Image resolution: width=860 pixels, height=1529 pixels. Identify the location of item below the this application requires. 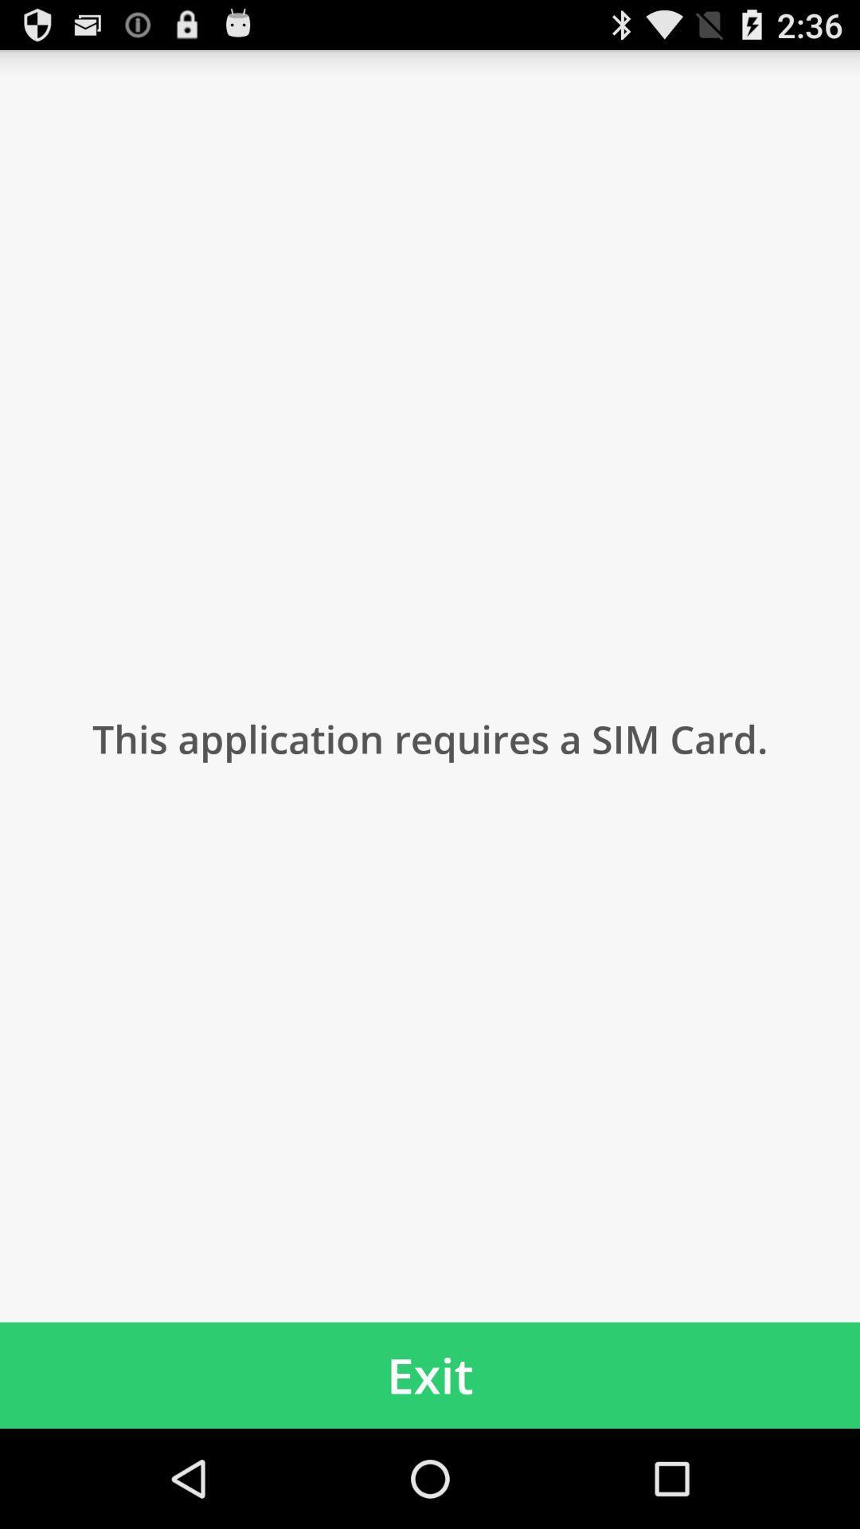
(430, 1375).